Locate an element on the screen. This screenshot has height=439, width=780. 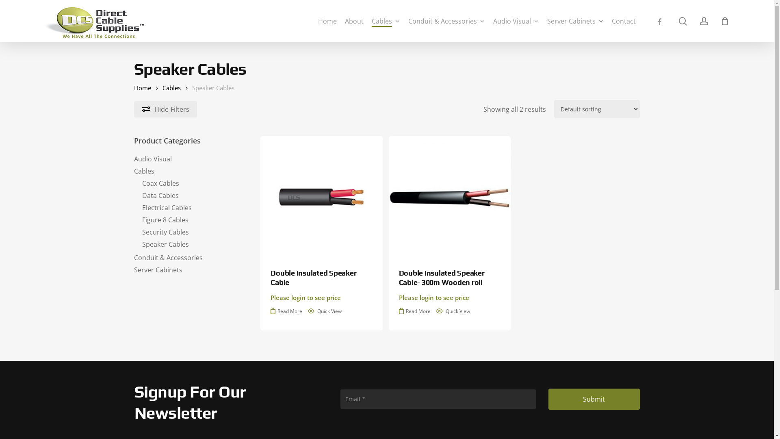
'Cables' is located at coordinates (171, 88).